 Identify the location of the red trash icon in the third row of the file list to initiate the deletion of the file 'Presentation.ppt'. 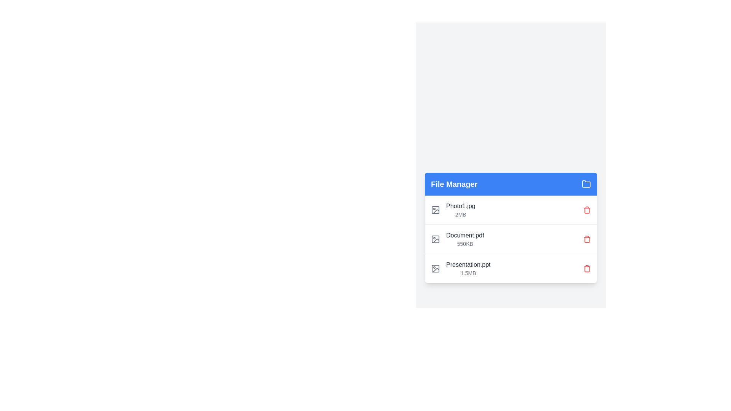
(586, 268).